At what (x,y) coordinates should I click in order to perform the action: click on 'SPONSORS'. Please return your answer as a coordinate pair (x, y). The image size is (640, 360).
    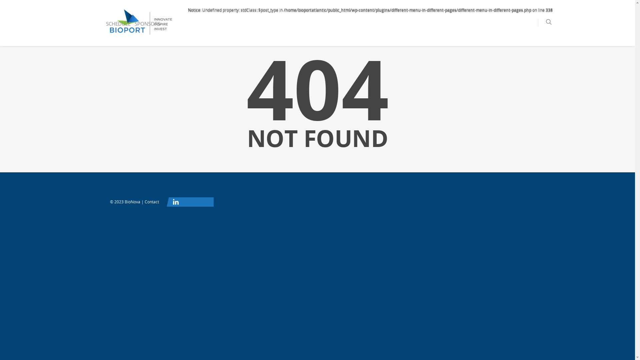
    Looking at the image, I should click on (147, 28).